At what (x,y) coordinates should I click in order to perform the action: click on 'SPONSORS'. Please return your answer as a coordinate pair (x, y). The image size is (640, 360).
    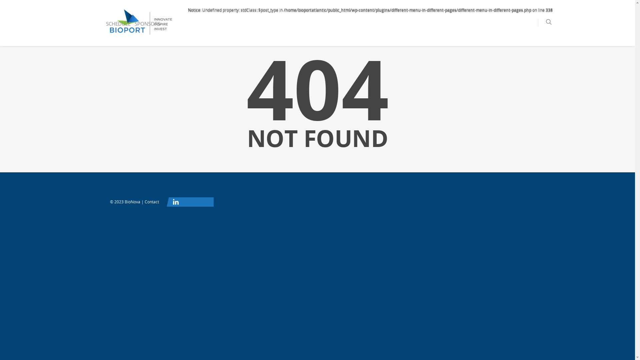
    Looking at the image, I should click on (147, 28).